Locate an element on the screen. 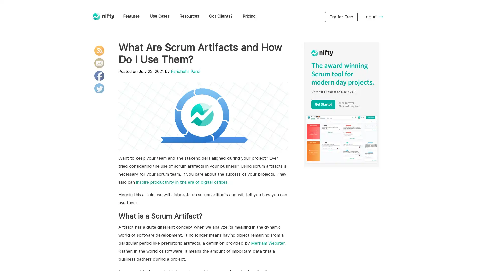  Try for Free is located at coordinates (341, 17).